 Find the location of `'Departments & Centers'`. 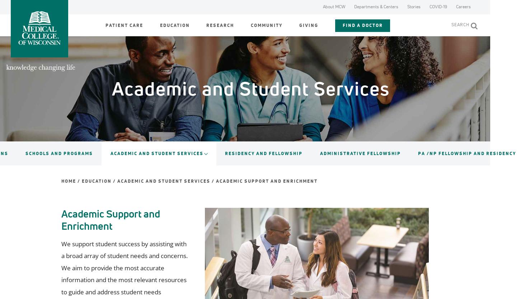

'Departments & Centers' is located at coordinates (354, 6).